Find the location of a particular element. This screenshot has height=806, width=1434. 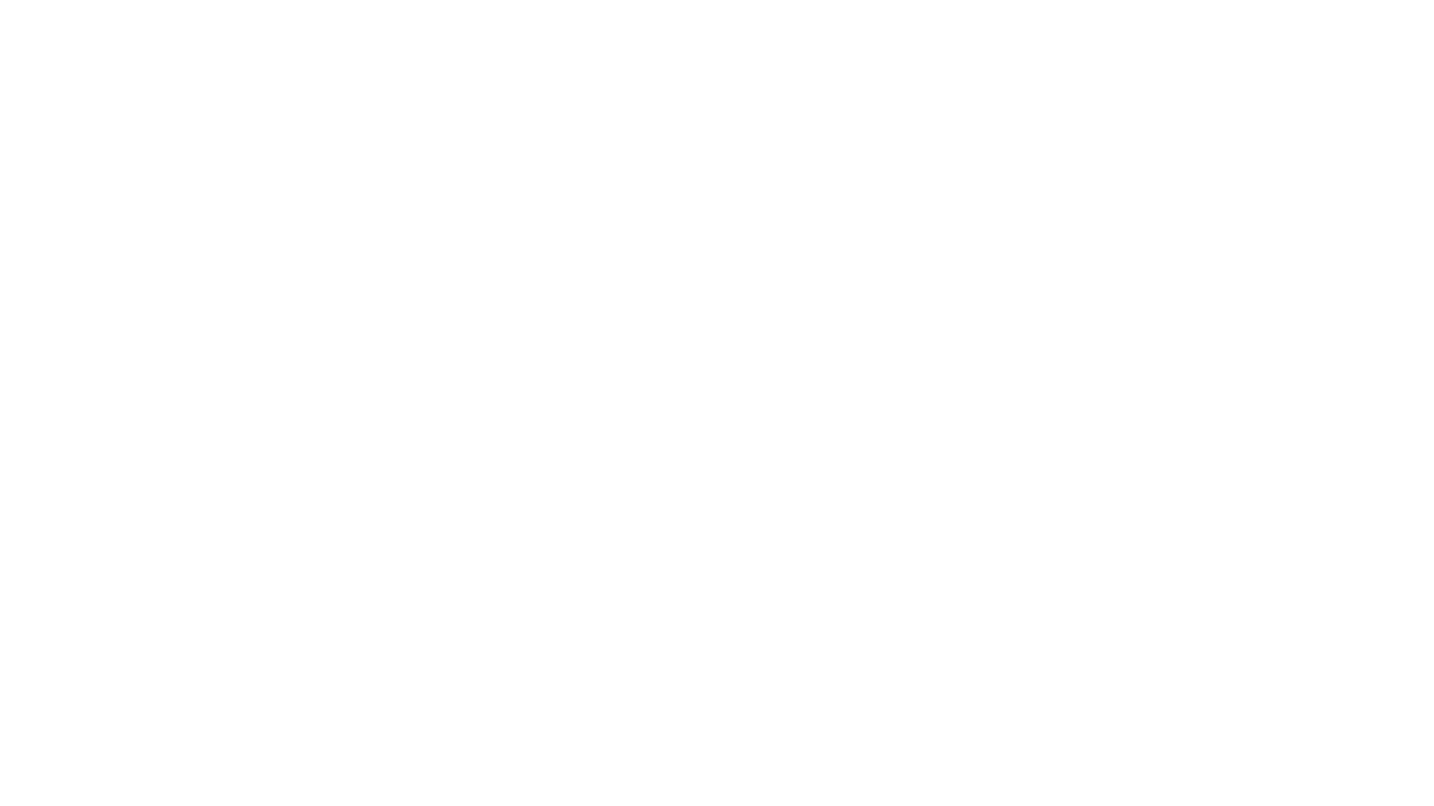

Dismiss is located at coordinates (1406, 58).